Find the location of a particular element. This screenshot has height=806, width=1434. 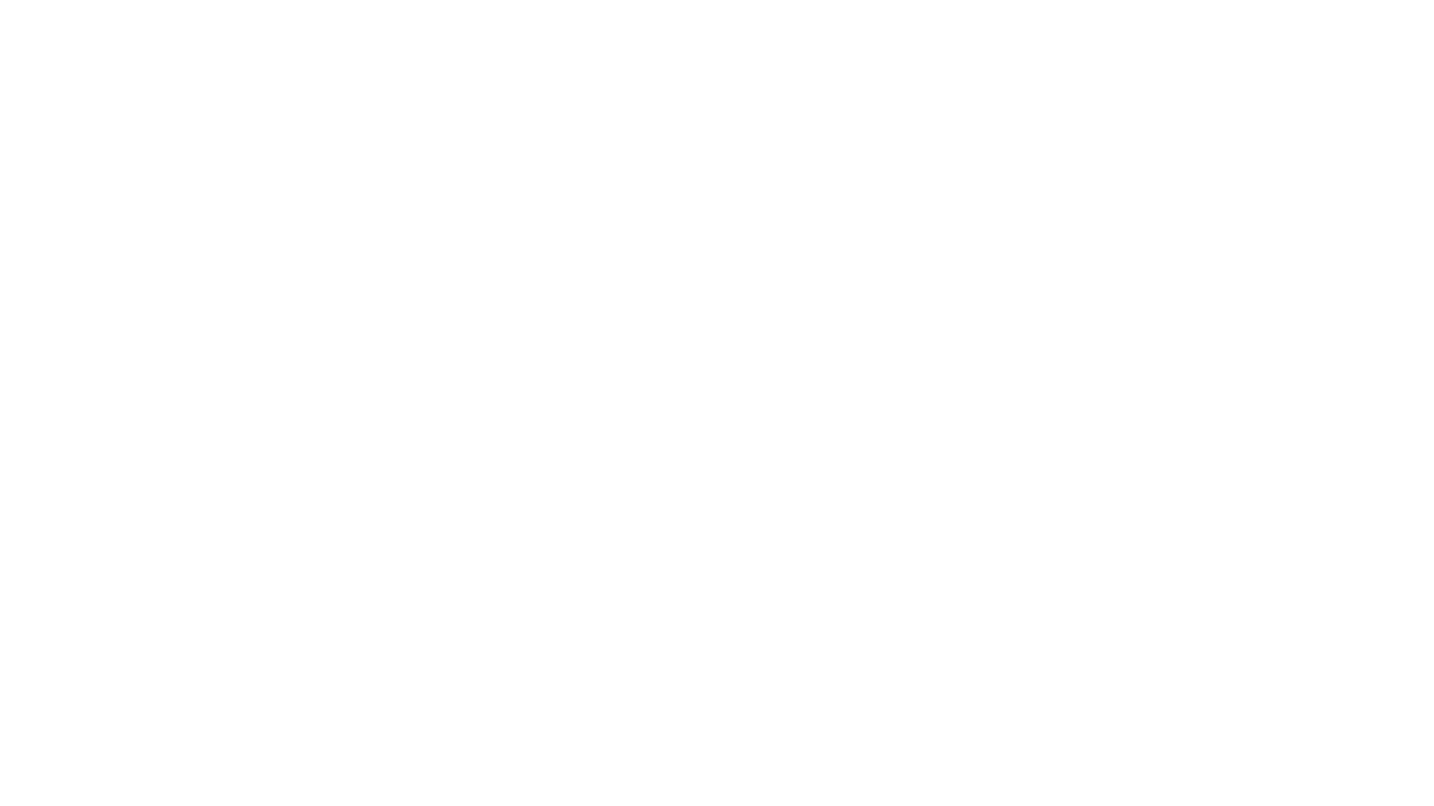

Dismiss is located at coordinates (1406, 58).